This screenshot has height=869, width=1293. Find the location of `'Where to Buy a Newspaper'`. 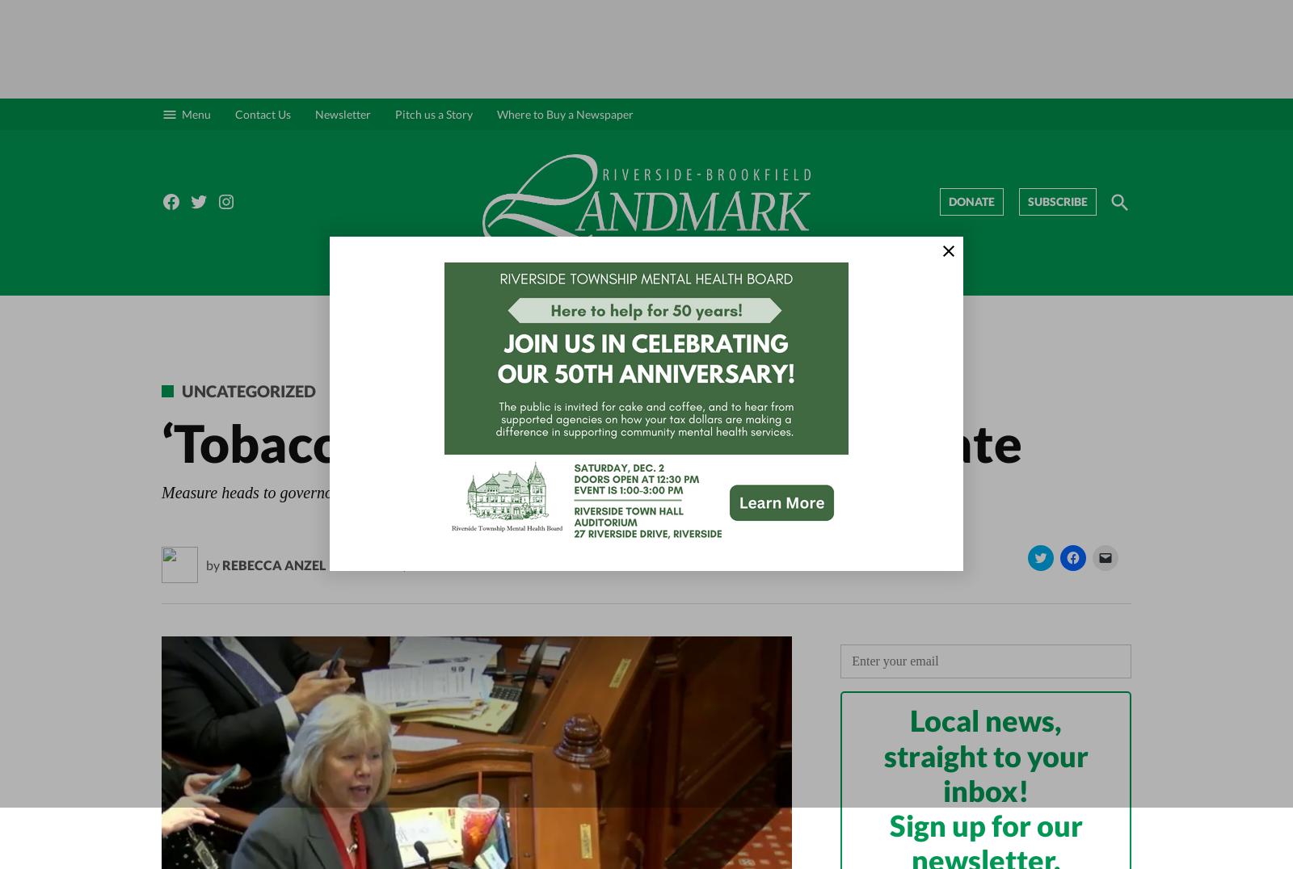

'Where to Buy a Newspaper' is located at coordinates (565, 113).